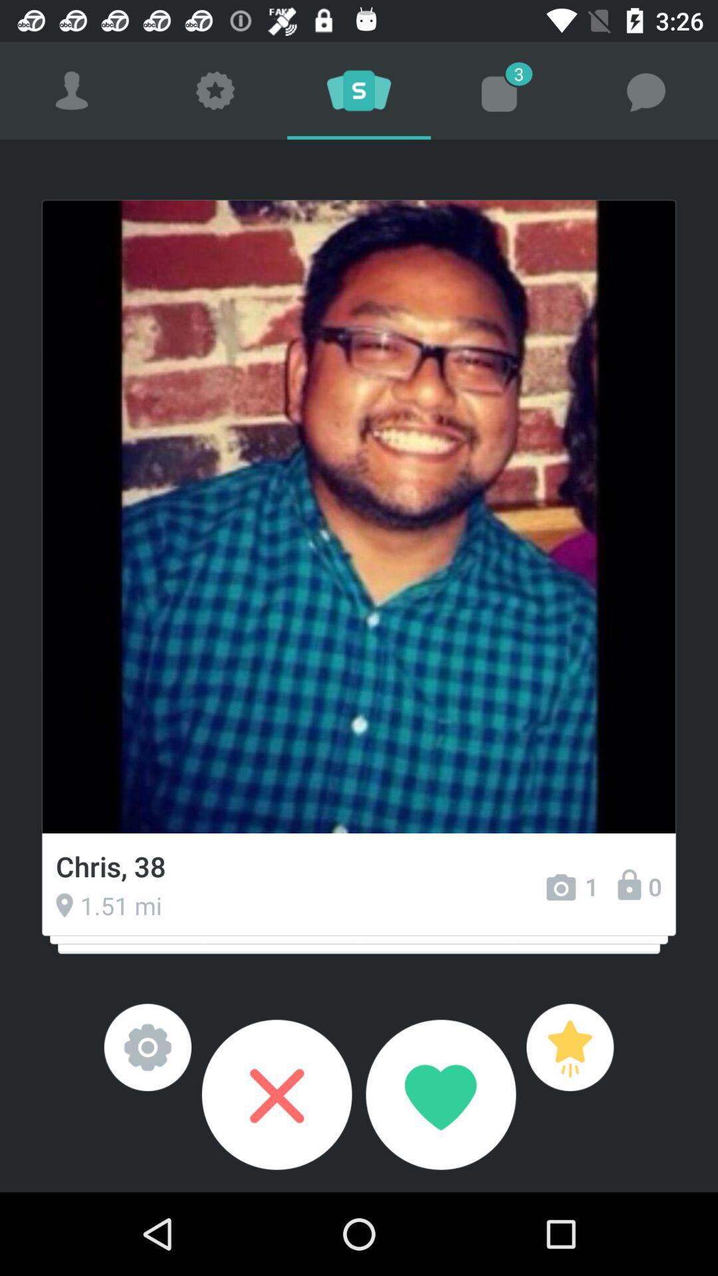 The width and height of the screenshot is (718, 1276). Describe the element at coordinates (148, 1047) in the screenshot. I see `the settings icon` at that location.